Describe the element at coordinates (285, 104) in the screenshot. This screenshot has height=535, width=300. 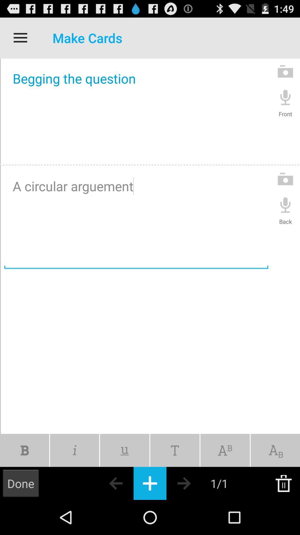
I see `the microphone icon` at that location.